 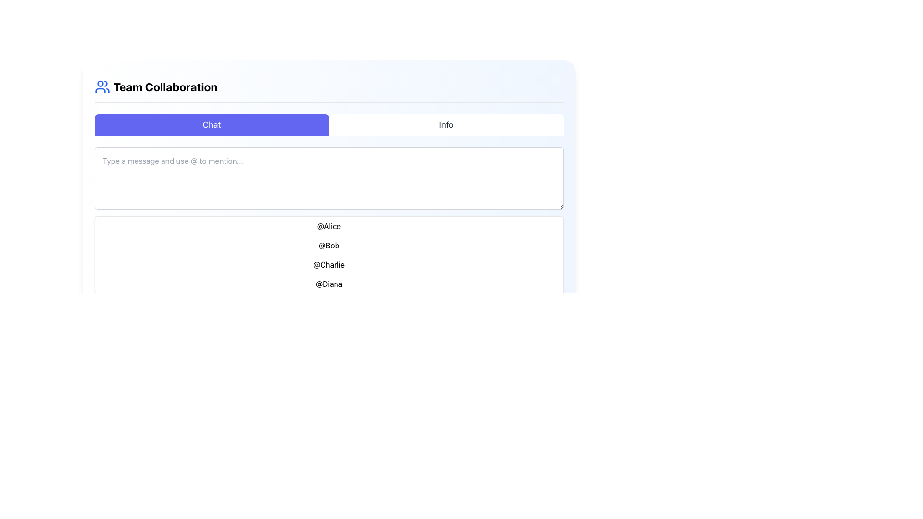 I want to click on the 'Chat' Tab Button, which is a rectangular button with rounded top corners, styled with a blue background and white text, located in the header bar, so click(x=211, y=124).